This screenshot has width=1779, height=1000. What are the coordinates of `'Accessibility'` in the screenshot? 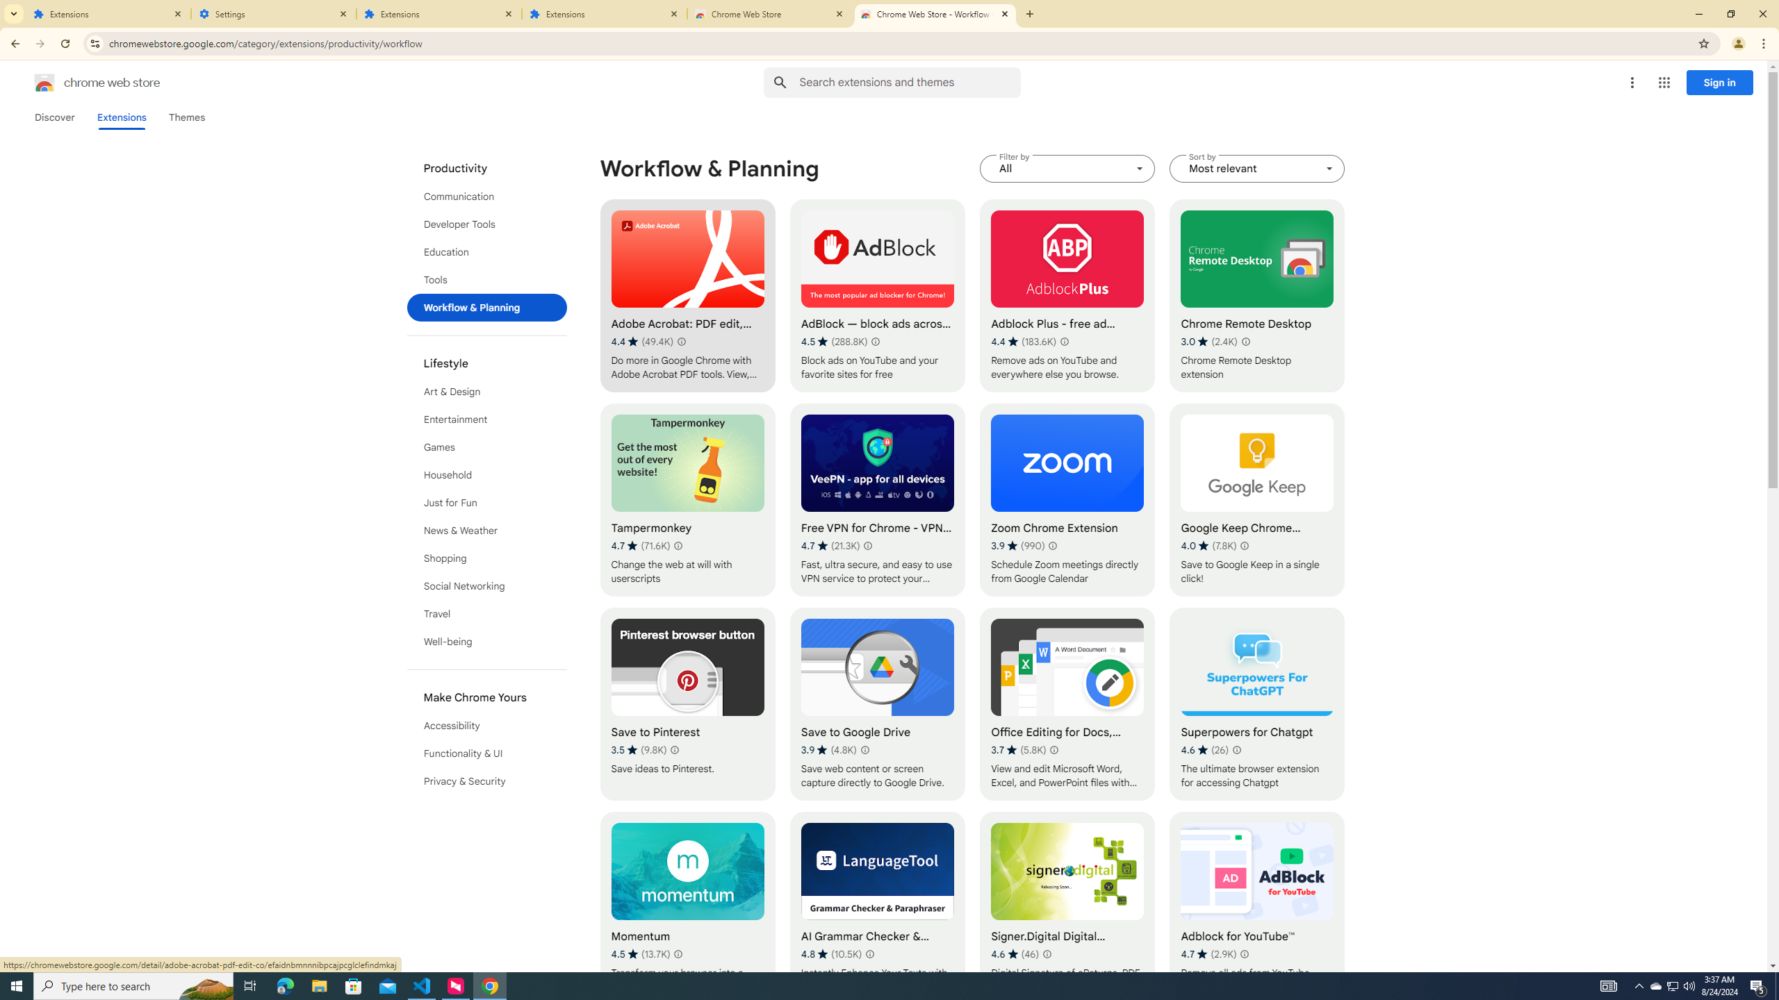 It's located at (487, 726).